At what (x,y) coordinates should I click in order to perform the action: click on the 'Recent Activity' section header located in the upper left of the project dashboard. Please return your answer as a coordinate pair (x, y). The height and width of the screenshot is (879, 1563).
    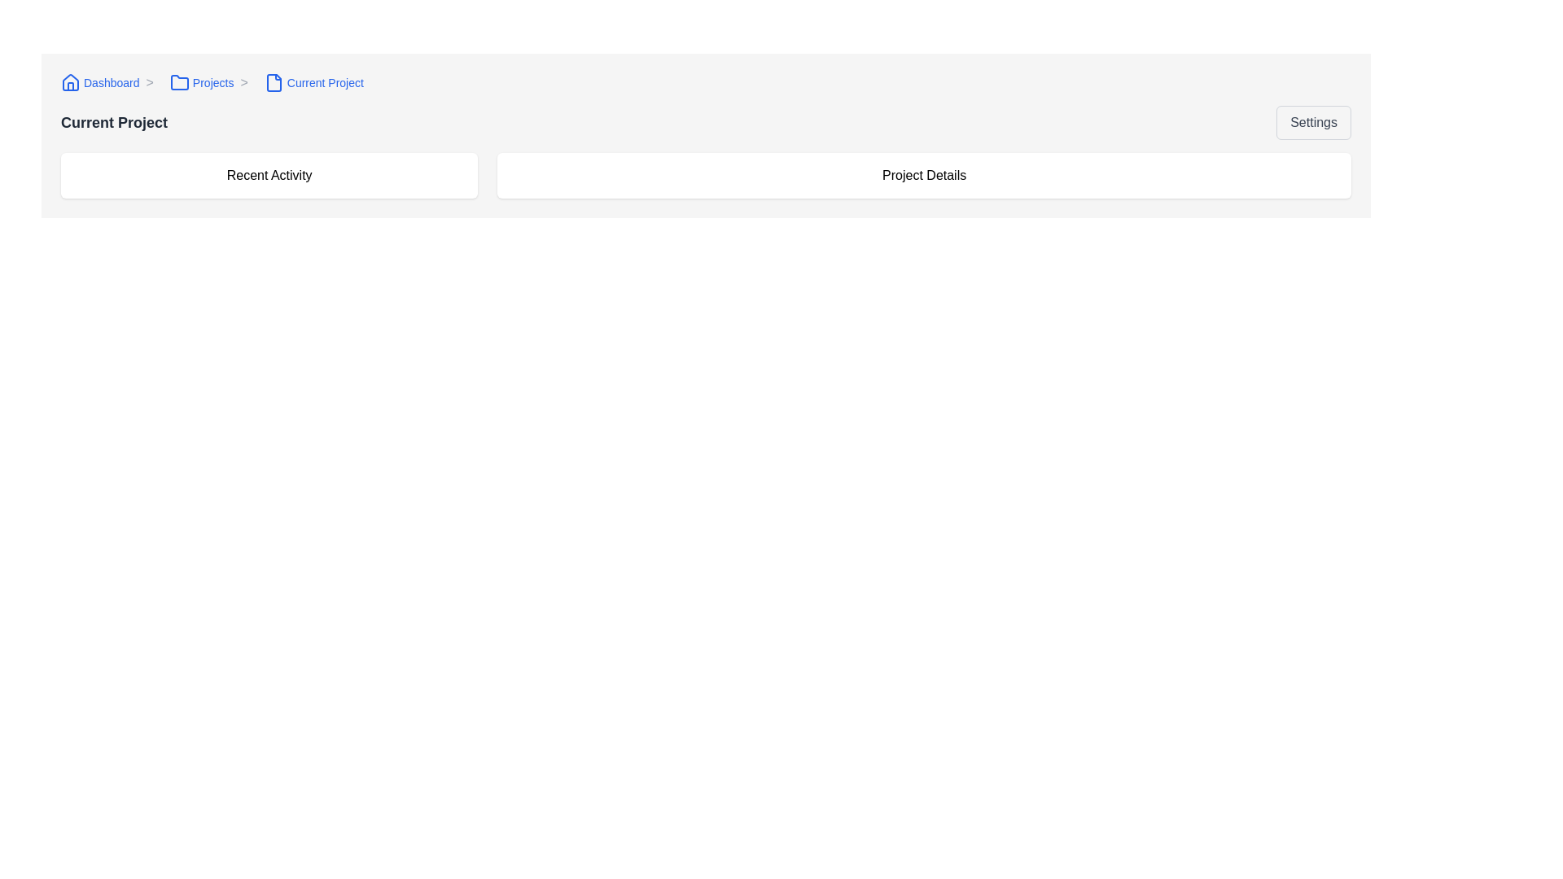
    Looking at the image, I should click on (269, 176).